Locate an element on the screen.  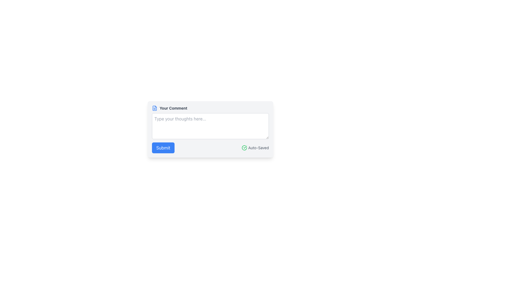
the status of the circular icon with a green checkmark located to the left of the 'Auto-Saved' text in the bottom-right corner of the interface is located at coordinates (244, 148).